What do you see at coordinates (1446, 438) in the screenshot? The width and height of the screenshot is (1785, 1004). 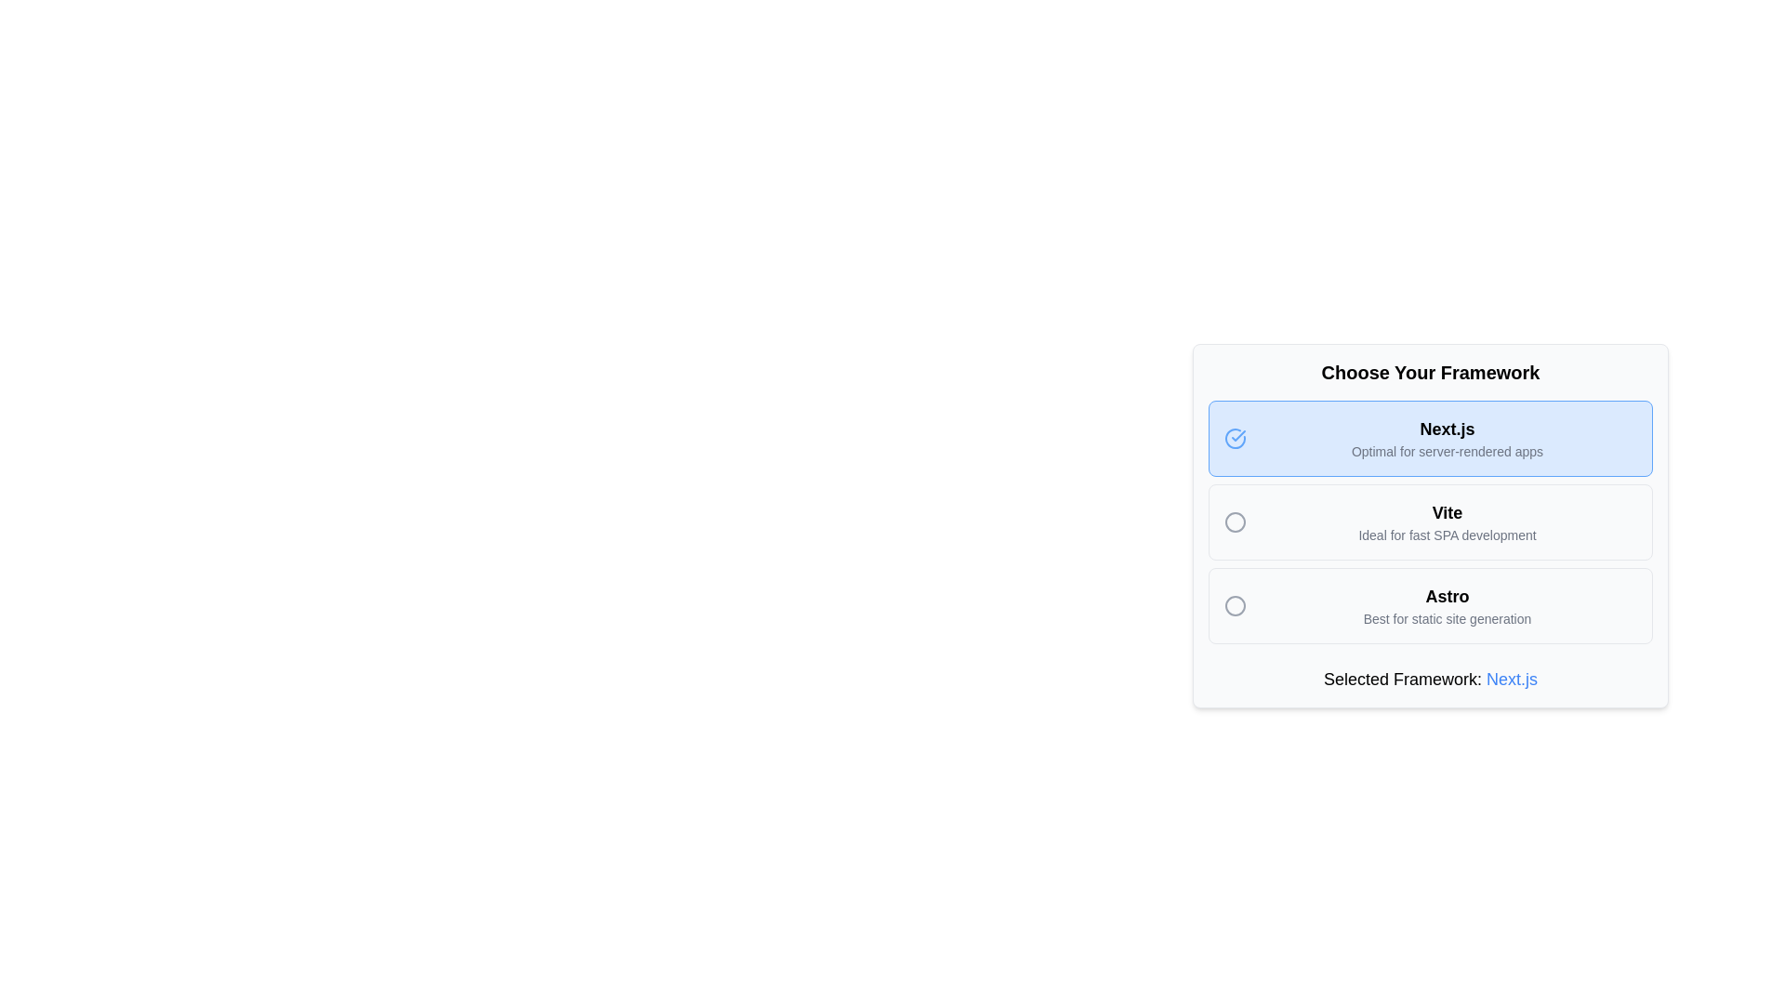 I see `the selectable option for the 'Next.js' framework located within the first option box of the 'Choose Your Framework' selection list` at bounding box center [1446, 438].